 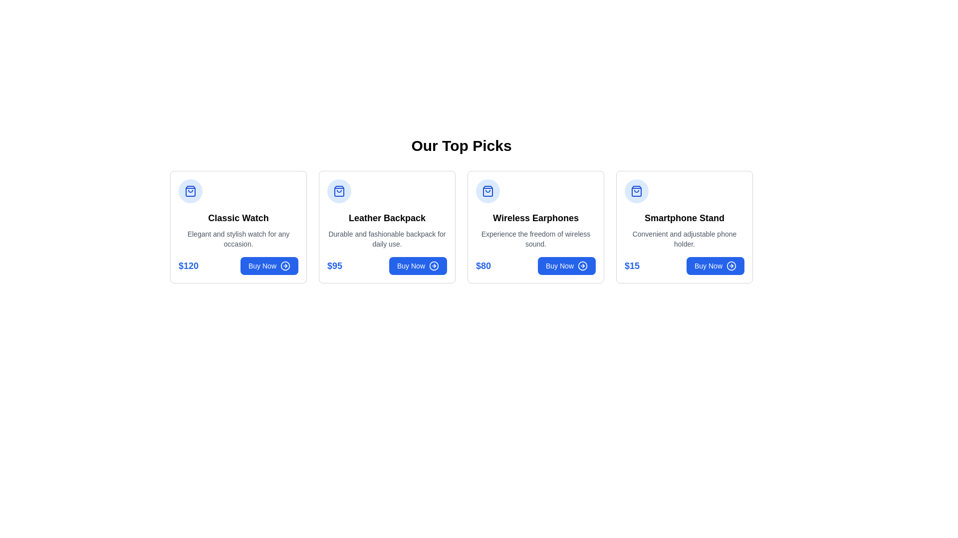 I want to click on the text block that contains 'Elegant and stylish watch for any occasion.' which is styled in light gray color and positioned below 'Classic Watch', so click(x=238, y=239).